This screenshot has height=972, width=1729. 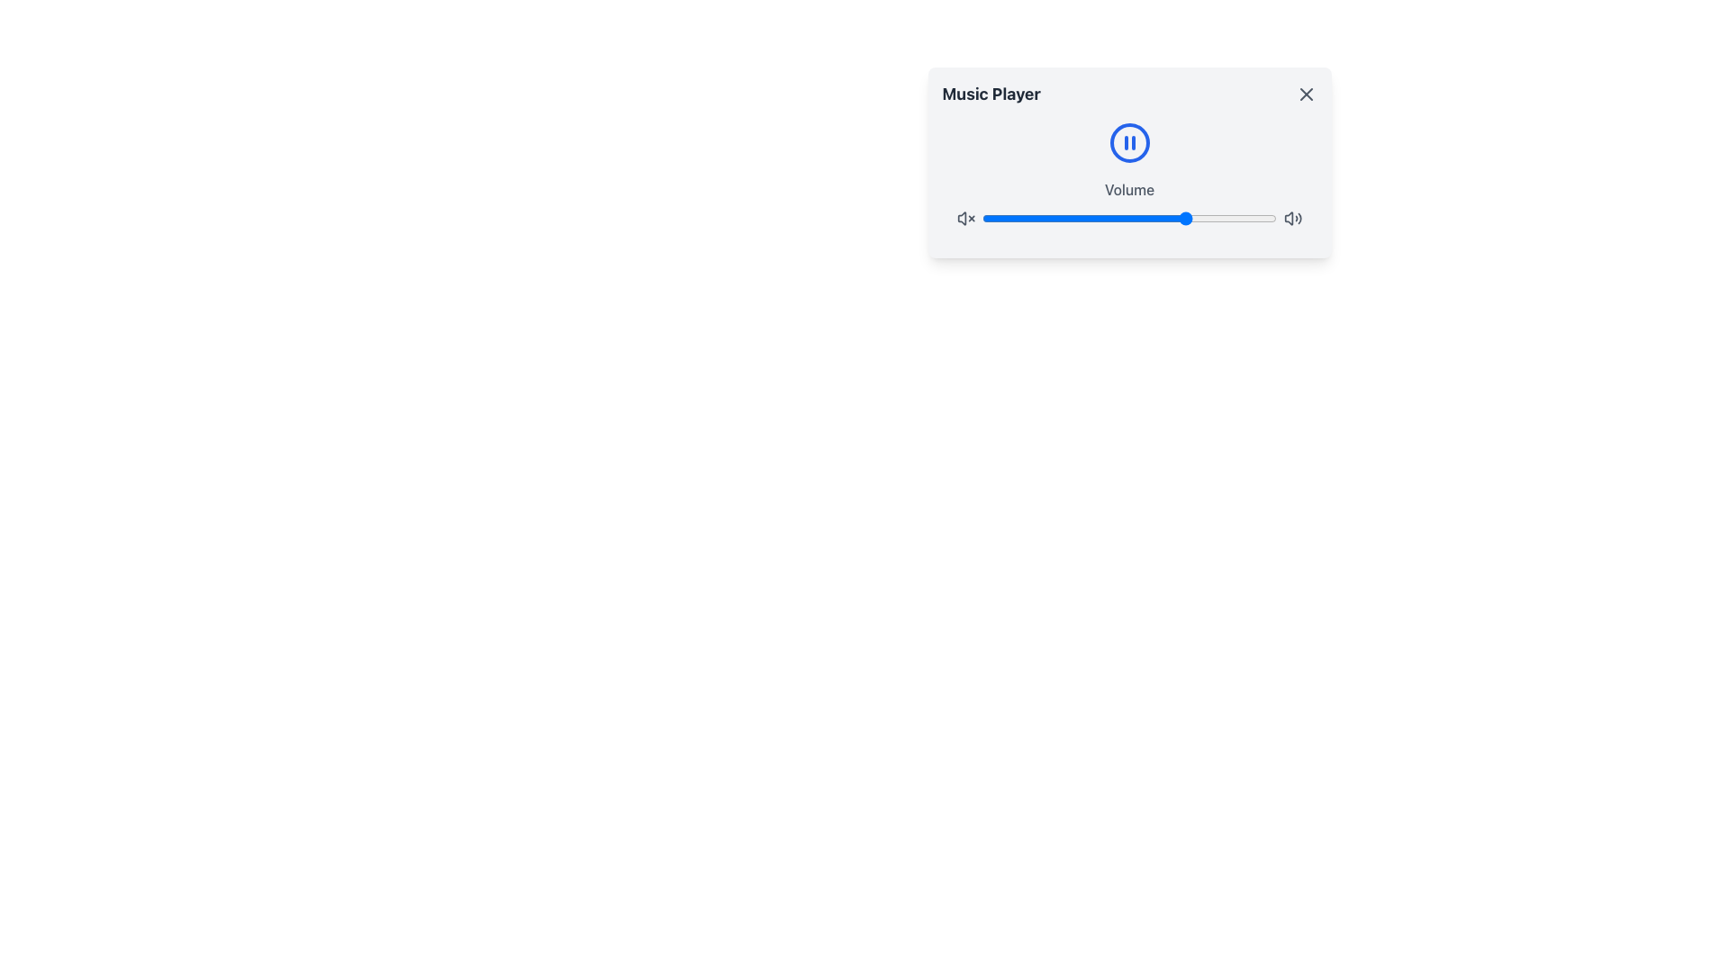 What do you see at coordinates (1128, 141) in the screenshot?
I see `the SVG circle element that serves as the boundary of the pause icon, located at the top center of the music player interface, above the 'Volume' label` at bounding box center [1128, 141].